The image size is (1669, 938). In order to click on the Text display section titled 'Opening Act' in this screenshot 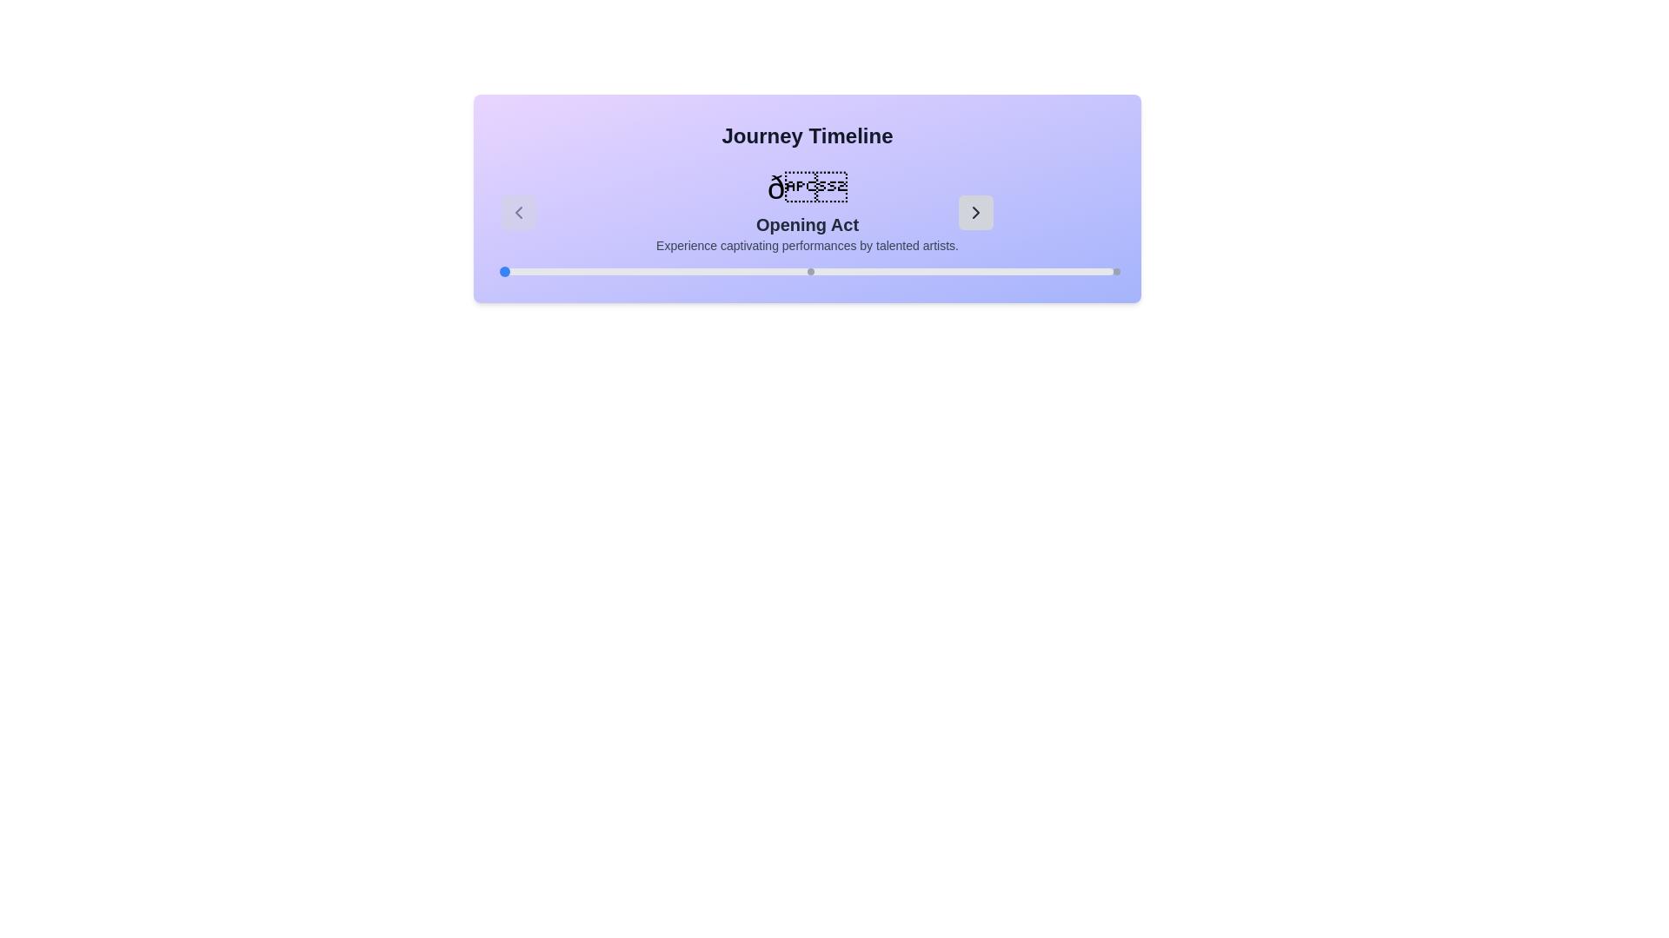, I will do `click(807, 212)`.